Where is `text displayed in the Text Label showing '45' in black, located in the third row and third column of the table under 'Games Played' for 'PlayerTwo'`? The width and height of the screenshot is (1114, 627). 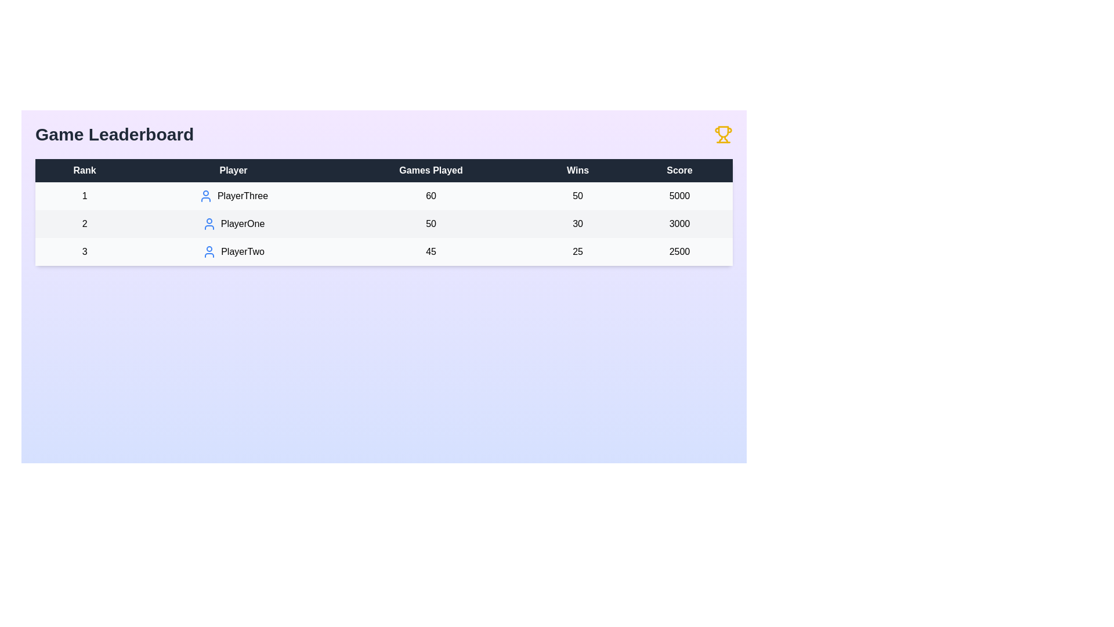
text displayed in the Text Label showing '45' in black, located in the third row and third column of the table under 'Games Played' for 'PlayerTwo' is located at coordinates (431, 251).